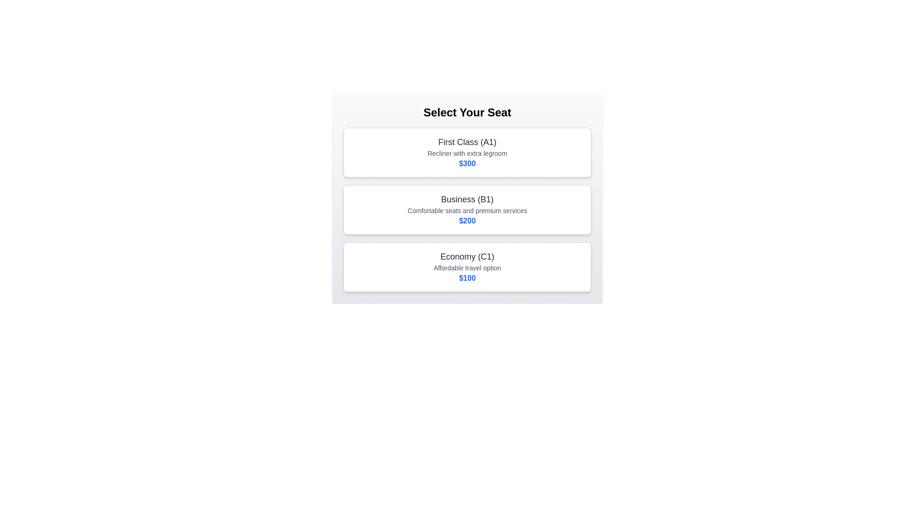 This screenshot has height=507, width=901. I want to click on the '$100' text label in bold, blue font, so click(467, 278).